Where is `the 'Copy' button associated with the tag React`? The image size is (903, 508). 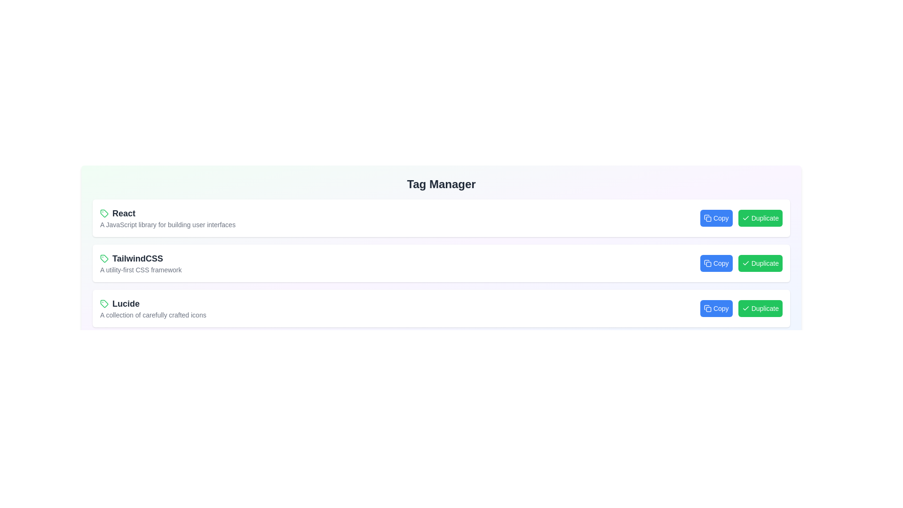
the 'Copy' button associated with the tag React is located at coordinates (716, 218).